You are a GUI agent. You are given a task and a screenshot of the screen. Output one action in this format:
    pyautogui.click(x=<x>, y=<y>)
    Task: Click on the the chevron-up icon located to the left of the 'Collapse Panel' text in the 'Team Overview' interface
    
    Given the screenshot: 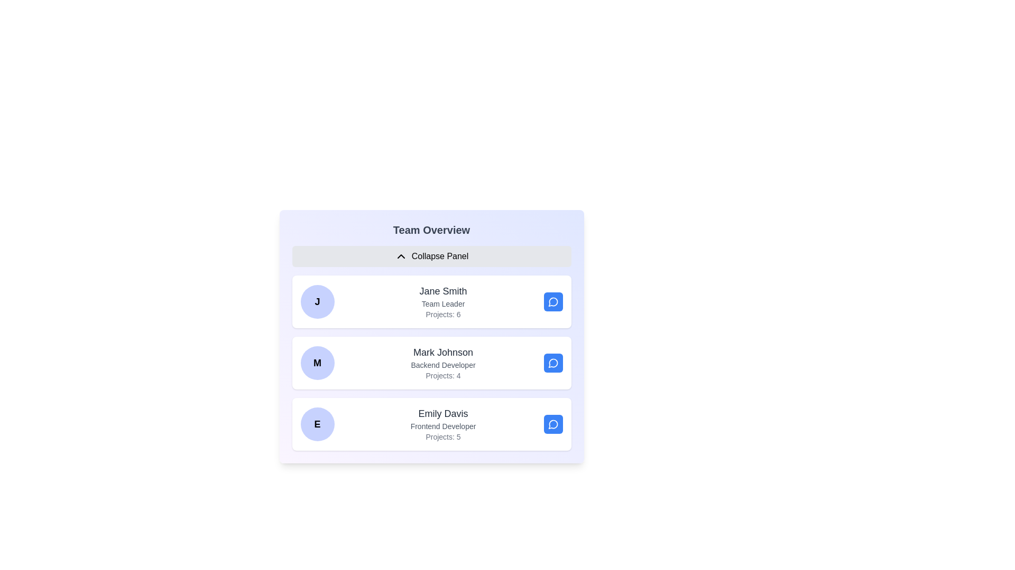 What is the action you would take?
    pyautogui.click(x=400, y=256)
    